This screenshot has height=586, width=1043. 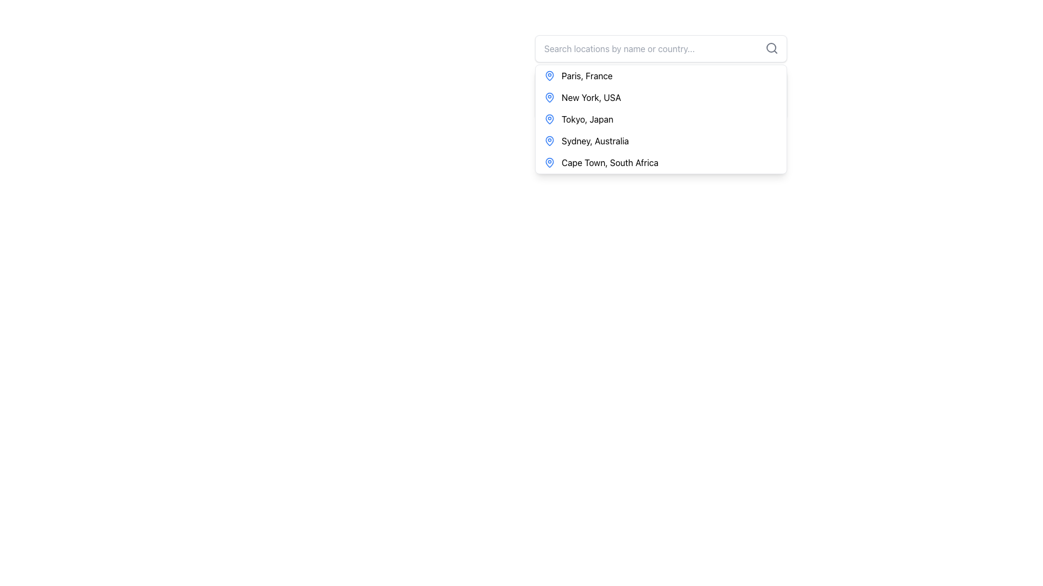 I want to click on the location marker icon positioned to the left of the text 'Cape Town, South Africa' in the dropdown menu, which is the fifth icon in the vertical list, so click(x=550, y=162).